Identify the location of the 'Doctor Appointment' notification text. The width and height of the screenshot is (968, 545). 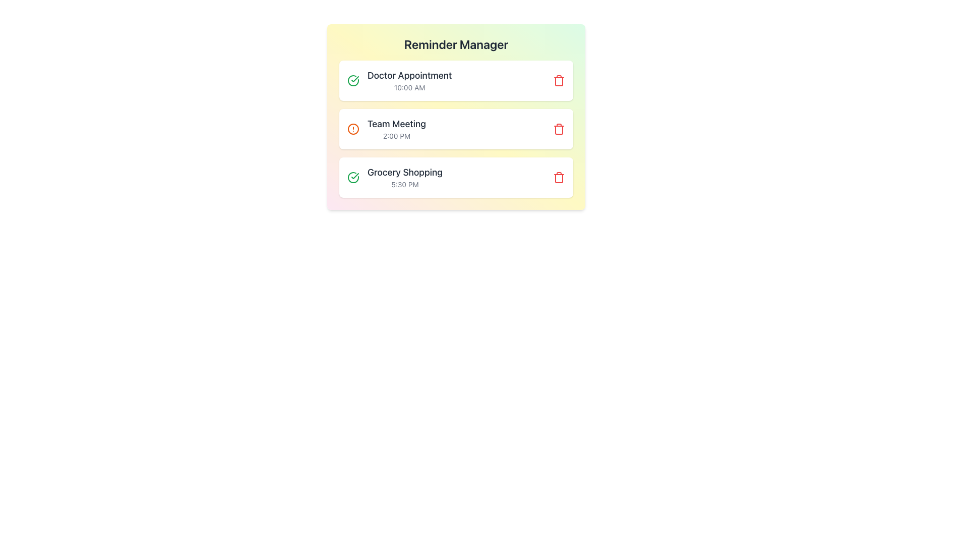
(399, 80).